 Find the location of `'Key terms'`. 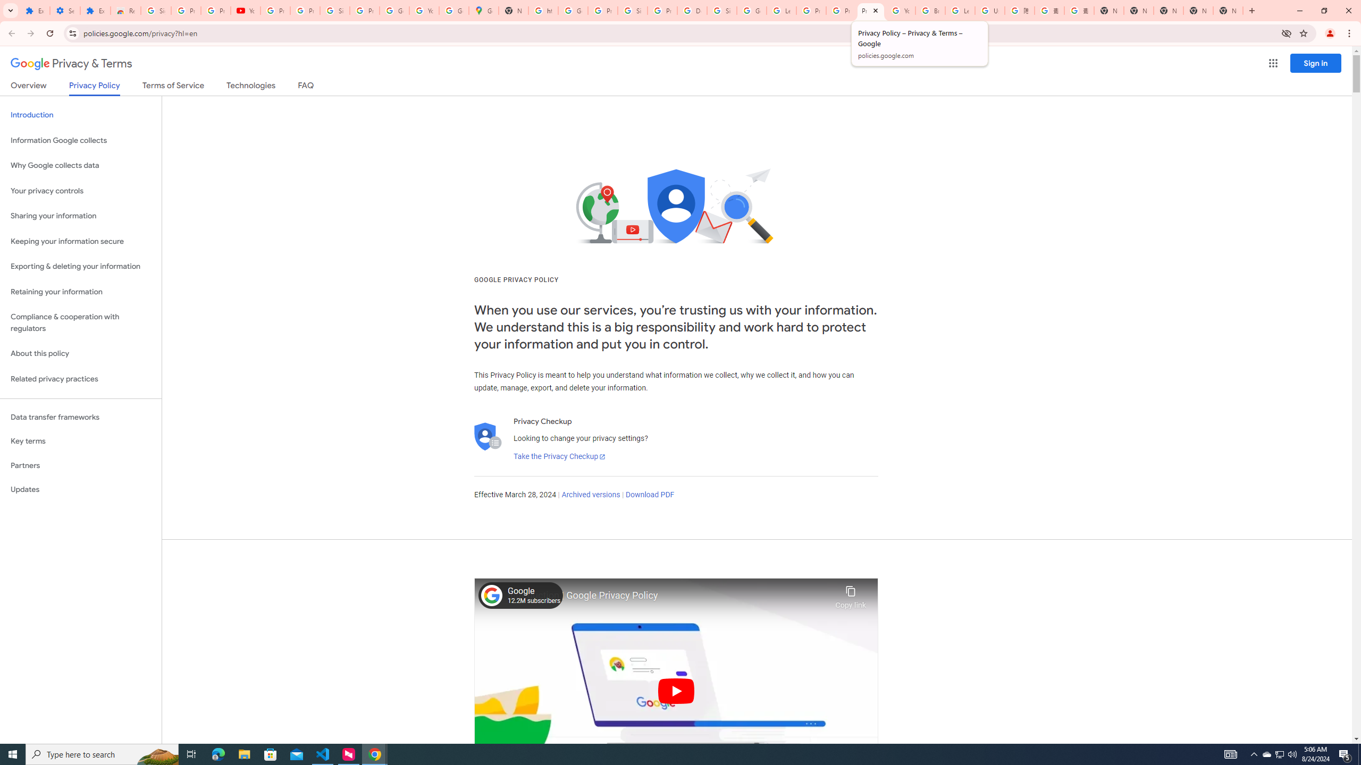

'Key terms' is located at coordinates (80, 441).